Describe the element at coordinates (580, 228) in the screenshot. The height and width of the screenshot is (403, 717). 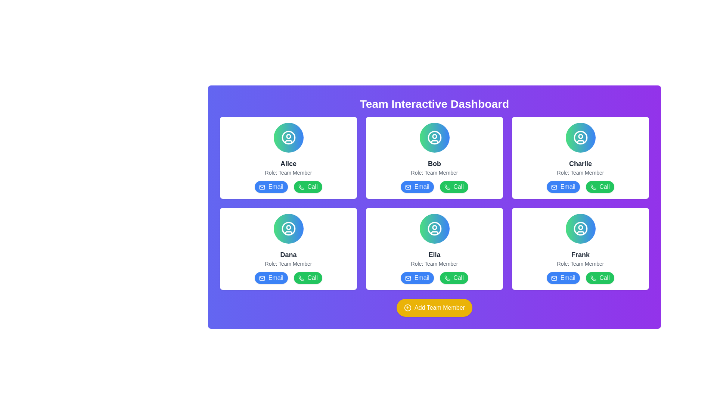
I see `the circular icon depicting a user's silhouette within the card labeled 'Frank', which is located in the second row, third column of the grid layout` at that location.